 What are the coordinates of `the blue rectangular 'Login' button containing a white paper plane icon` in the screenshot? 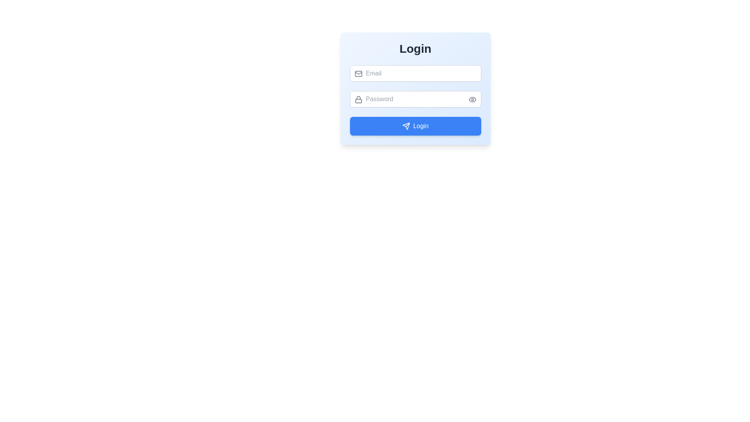 It's located at (415, 126).